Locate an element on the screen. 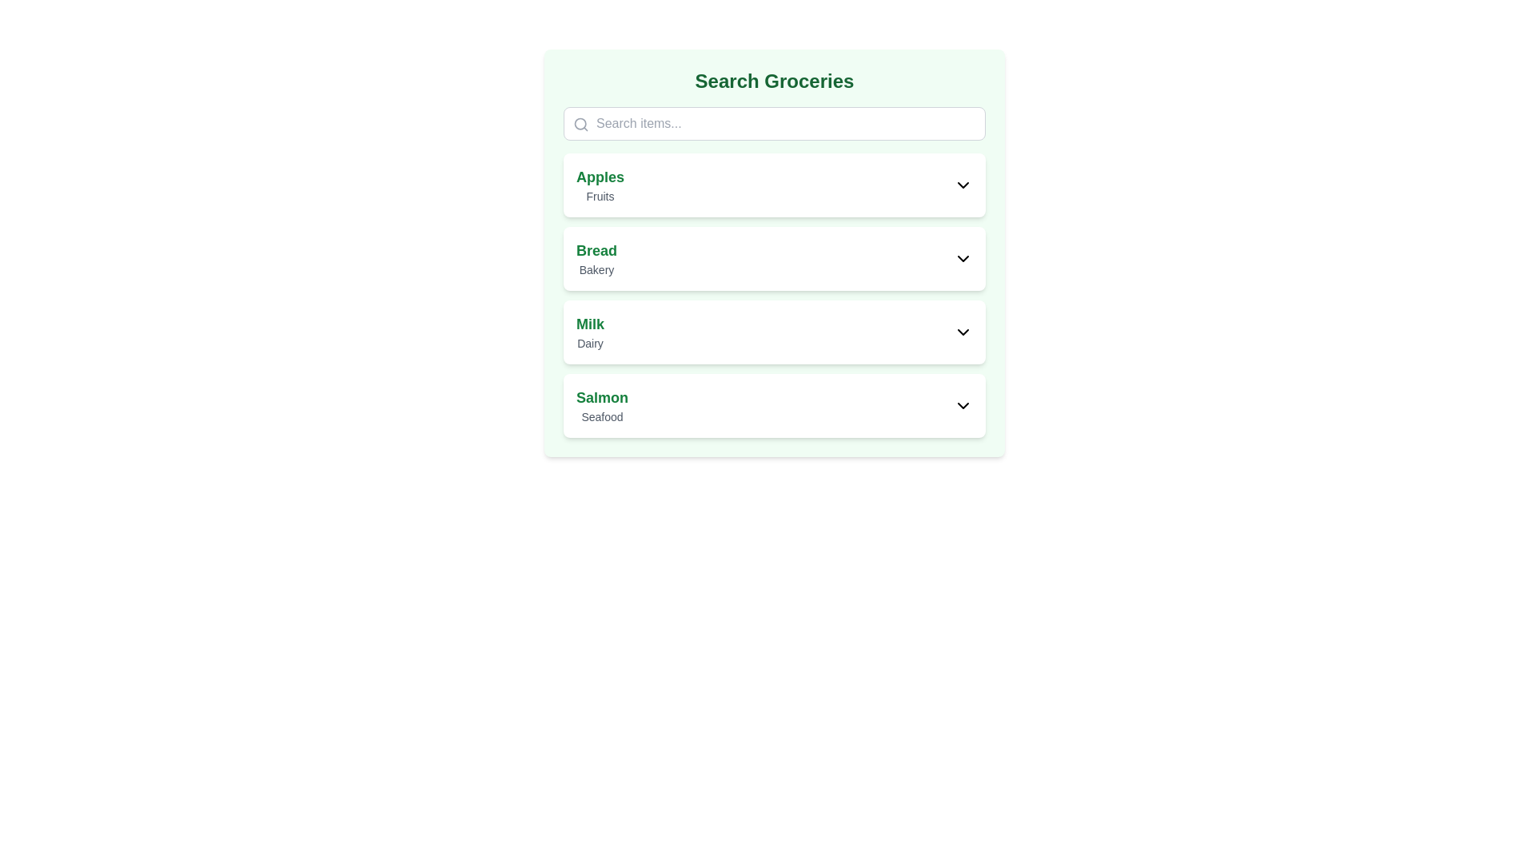 This screenshot has height=863, width=1535. the text label displaying 'Salmon' in large green font, which is located in the fourth block under 'Seafood' and above a dropdown indicator is located at coordinates (601, 396).